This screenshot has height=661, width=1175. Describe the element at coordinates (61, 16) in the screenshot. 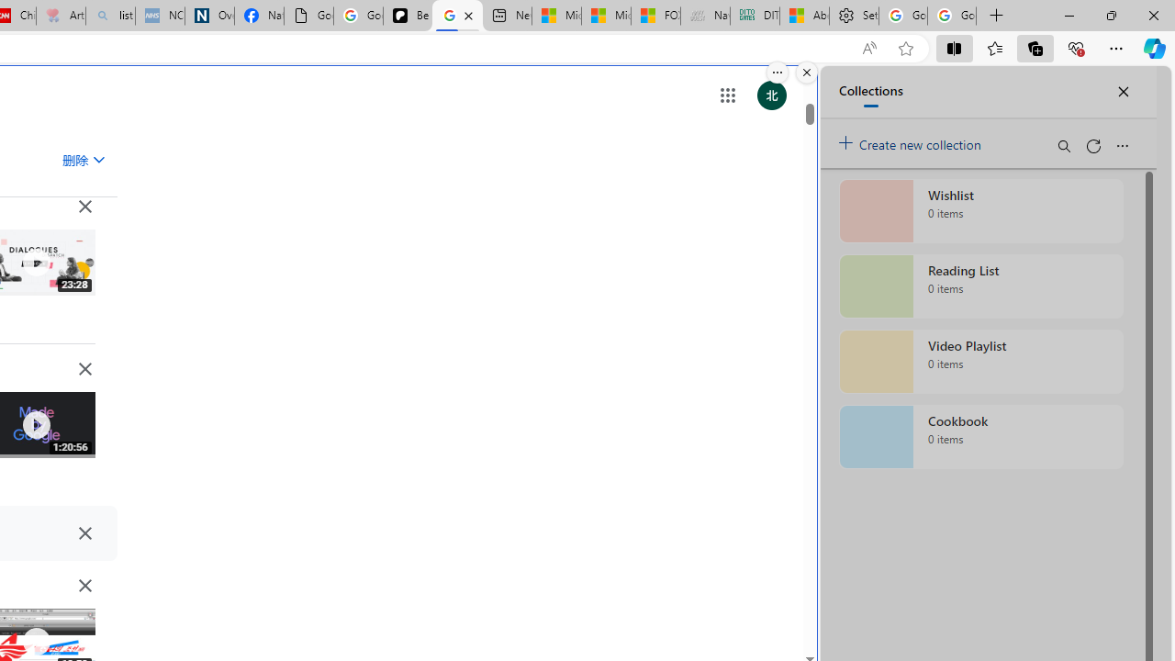

I see `'Arthritis: Ask Health Professionals - Sleeping'` at that location.